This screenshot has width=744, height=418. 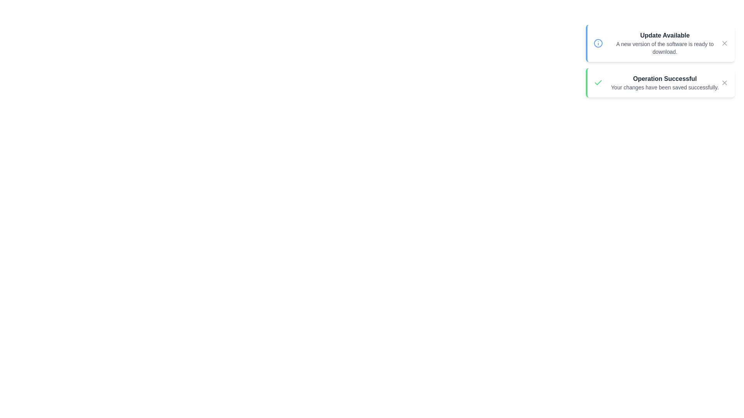 I want to click on the close button icon resembling an 'X' at the top-right corner of the notification card to change its color, so click(x=724, y=43).